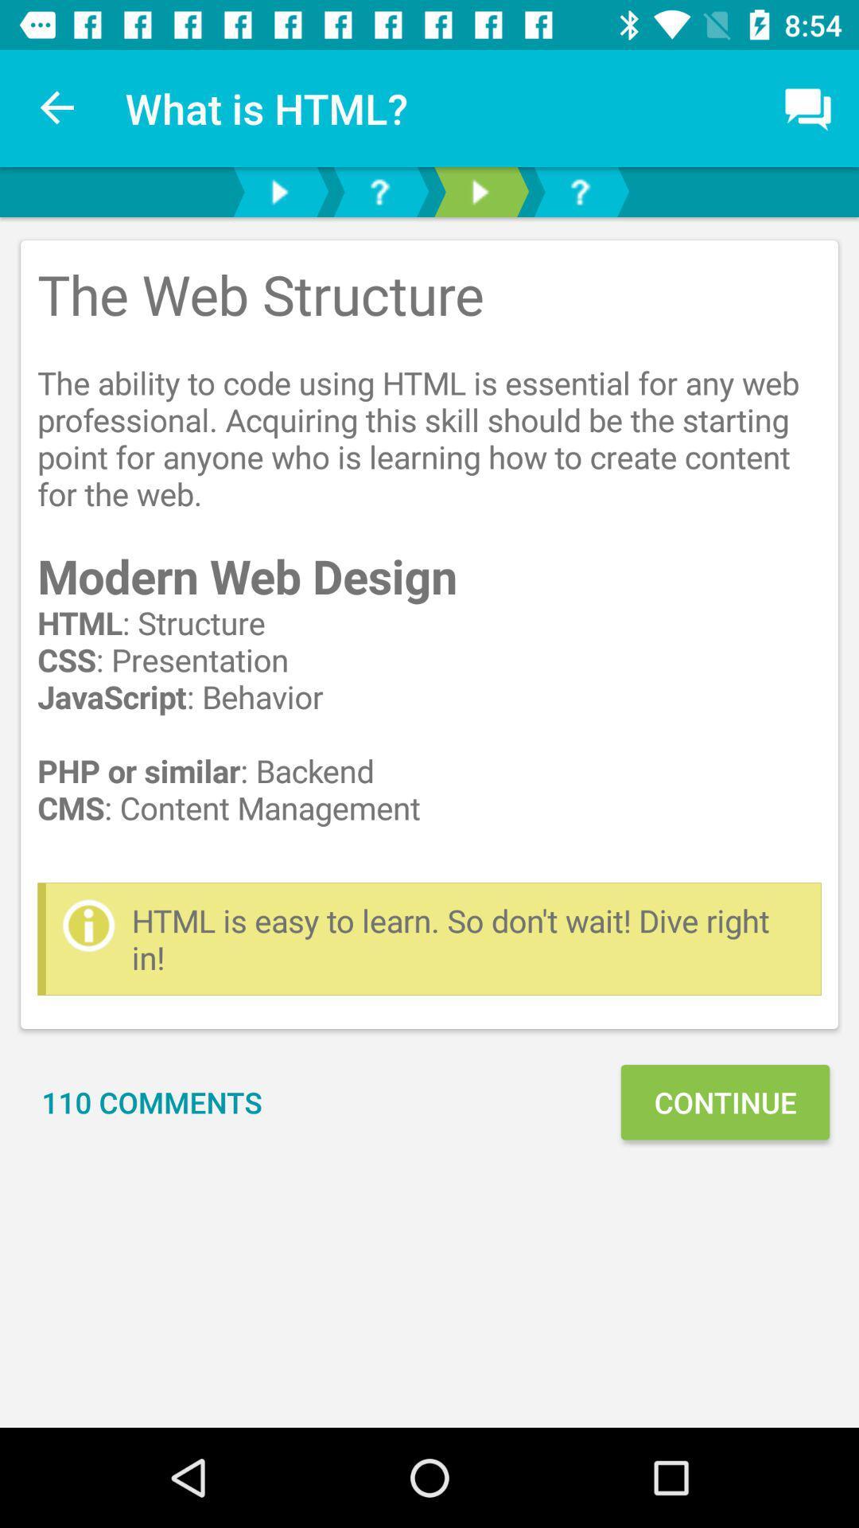  Describe the element at coordinates (152, 1101) in the screenshot. I see `the text 110 comments` at that location.